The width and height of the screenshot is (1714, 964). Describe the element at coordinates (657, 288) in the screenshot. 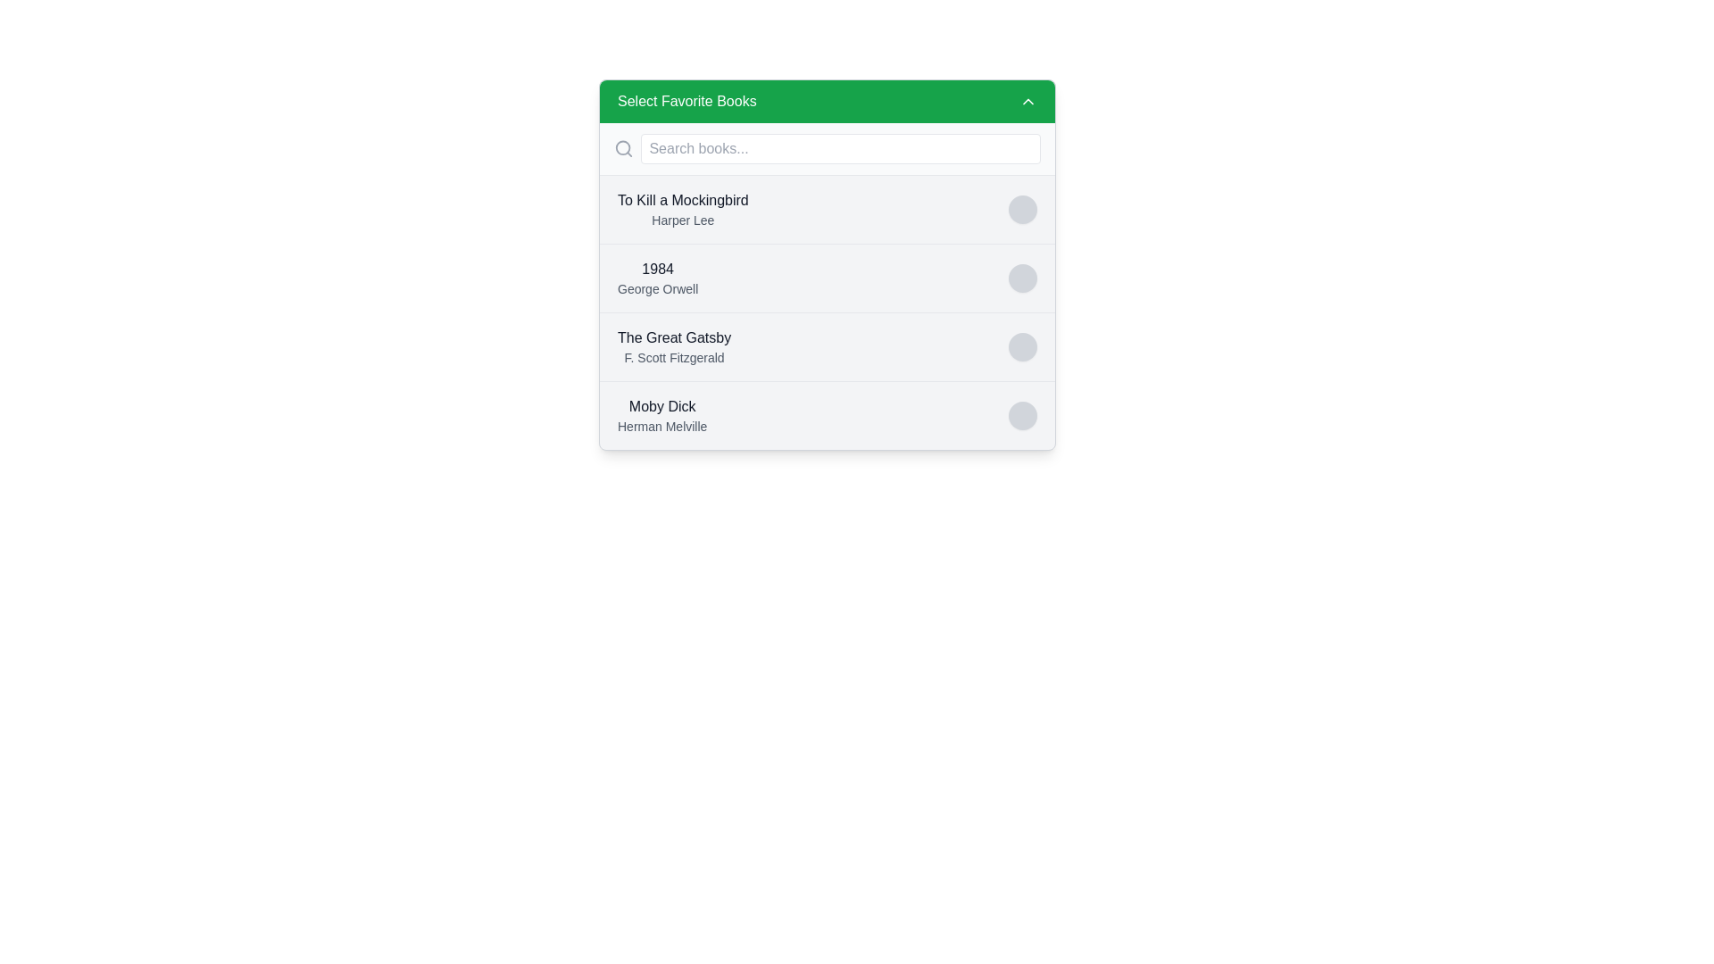

I see `the textual label displaying the author name of the book '1984', which is located directly below the title in the book list` at that location.